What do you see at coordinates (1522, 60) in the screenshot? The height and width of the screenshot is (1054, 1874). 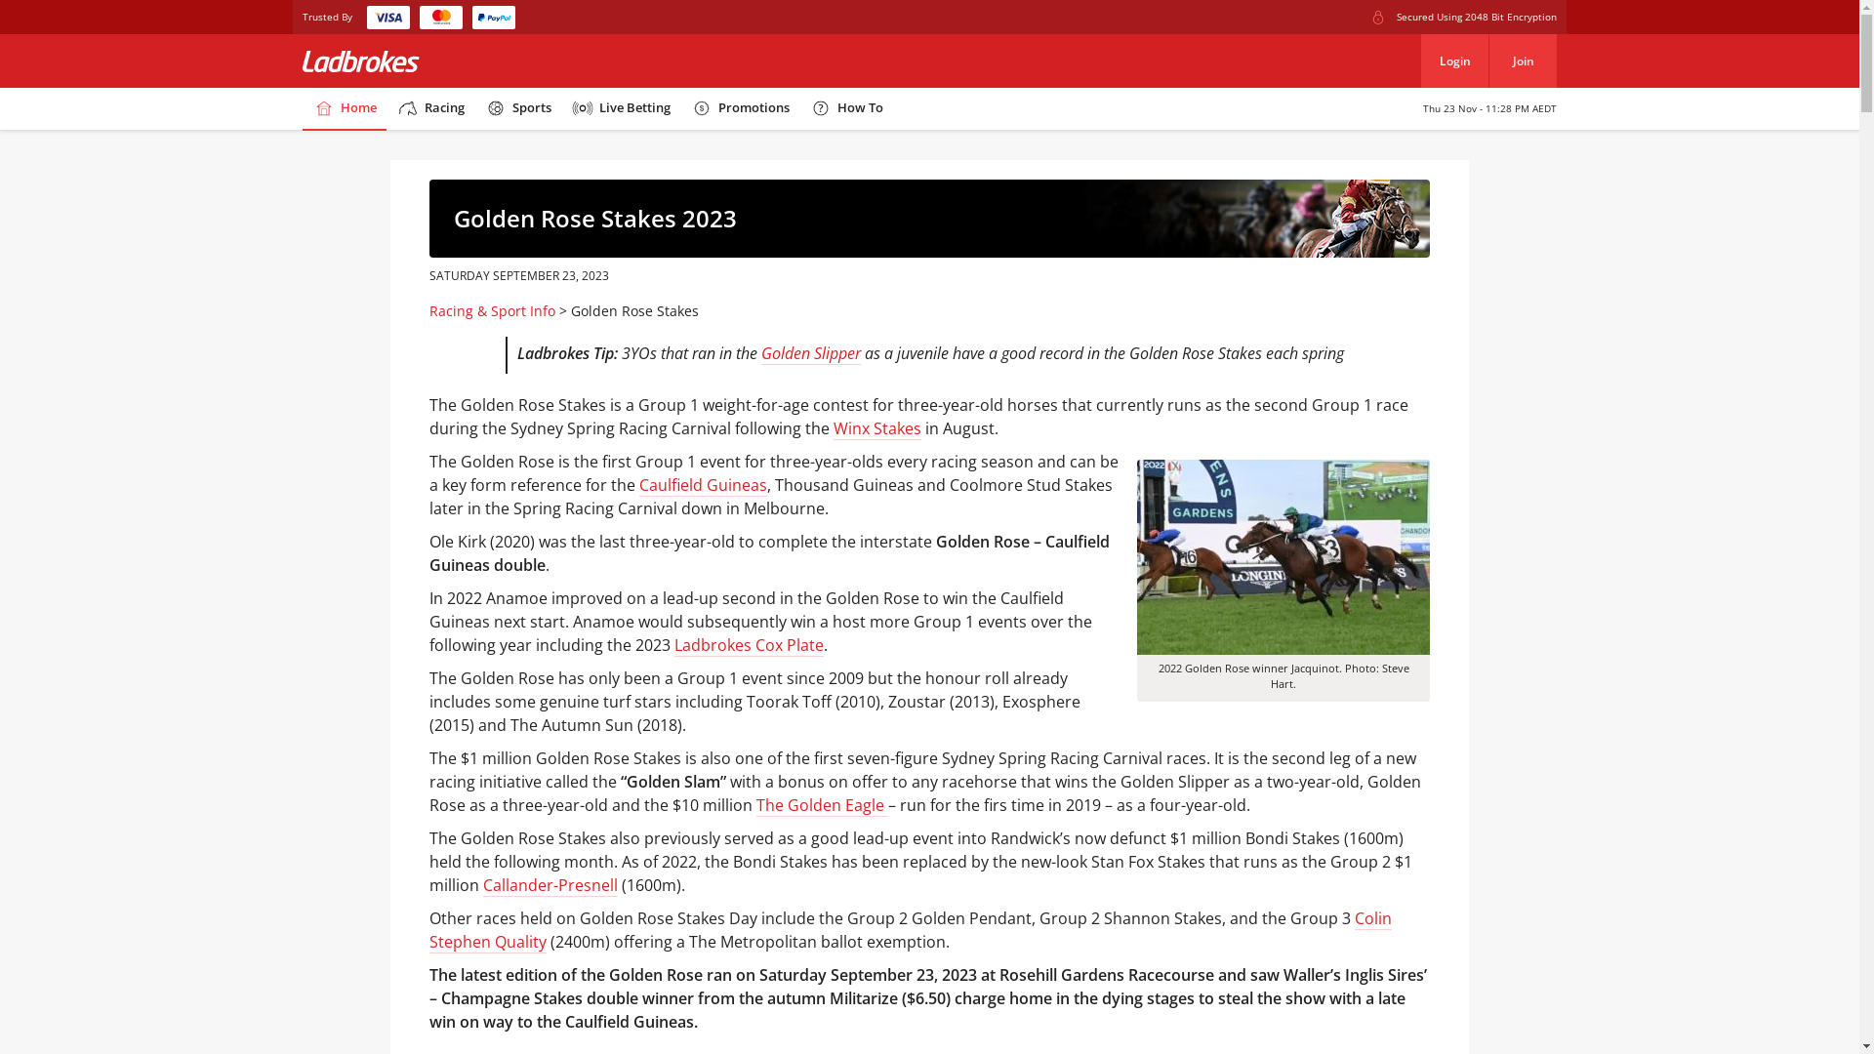 I see `'Join'` at bounding box center [1522, 60].